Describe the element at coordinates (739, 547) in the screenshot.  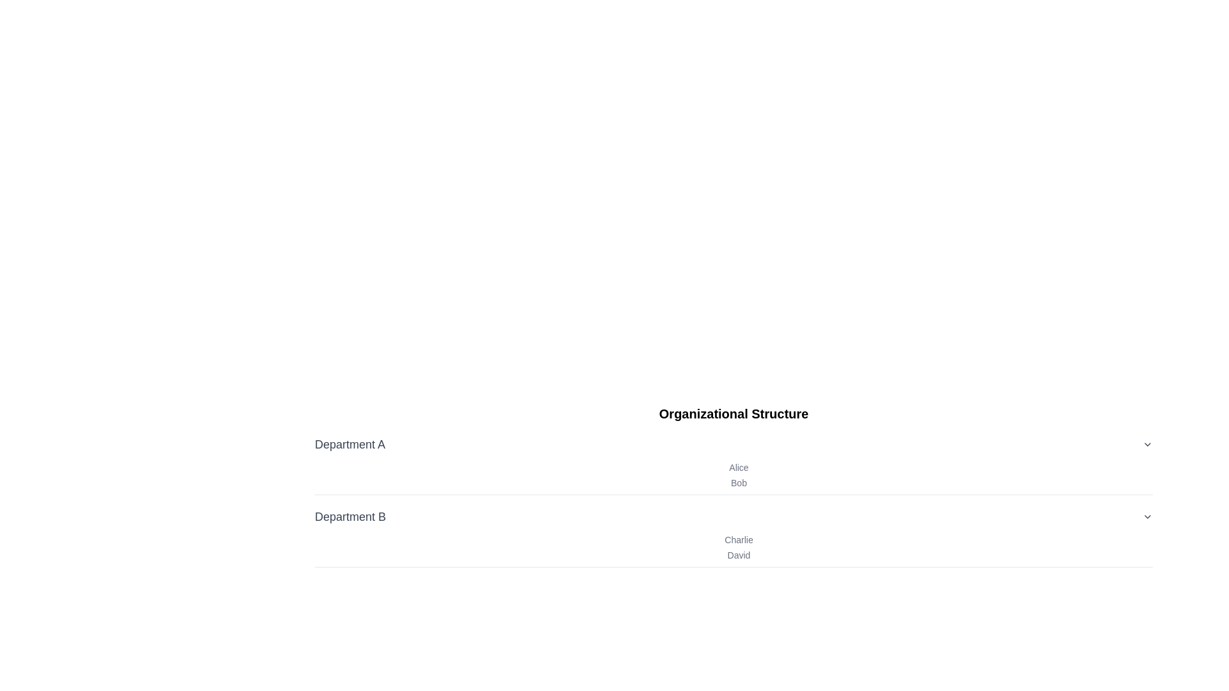
I see `the text block containing 'Charlie' and 'David', which is styled in gray and positioned under the heading 'Department B'` at that location.